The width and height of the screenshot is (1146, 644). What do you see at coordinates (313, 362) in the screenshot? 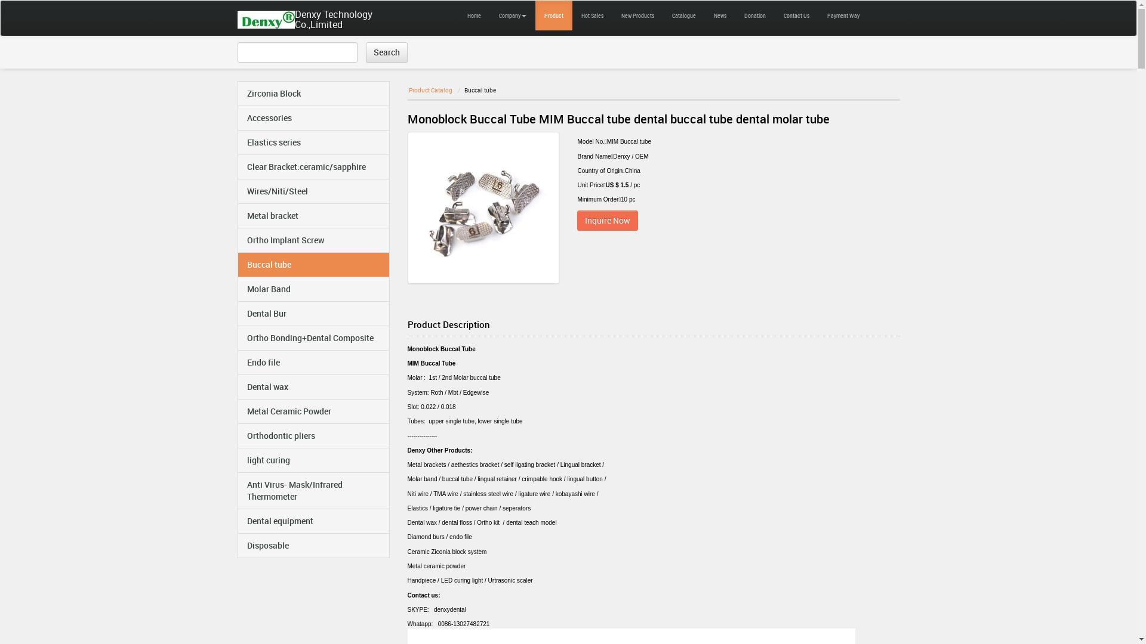
I see `'Endo file'` at bounding box center [313, 362].